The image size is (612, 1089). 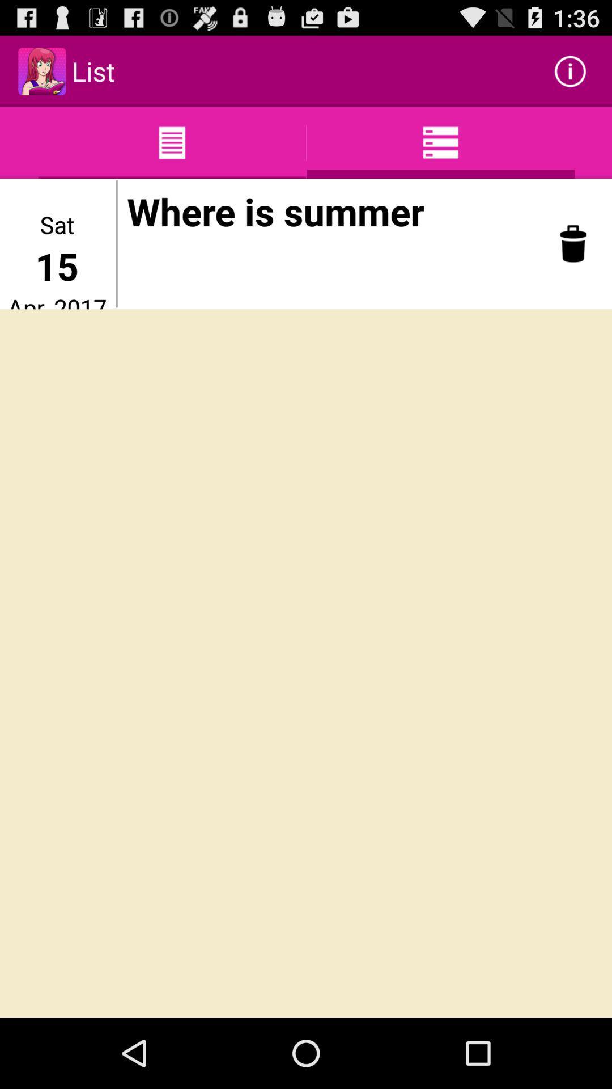 What do you see at coordinates (117, 243) in the screenshot?
I see `the icon next to the where is summer icon` at bounding box center [117, 243].